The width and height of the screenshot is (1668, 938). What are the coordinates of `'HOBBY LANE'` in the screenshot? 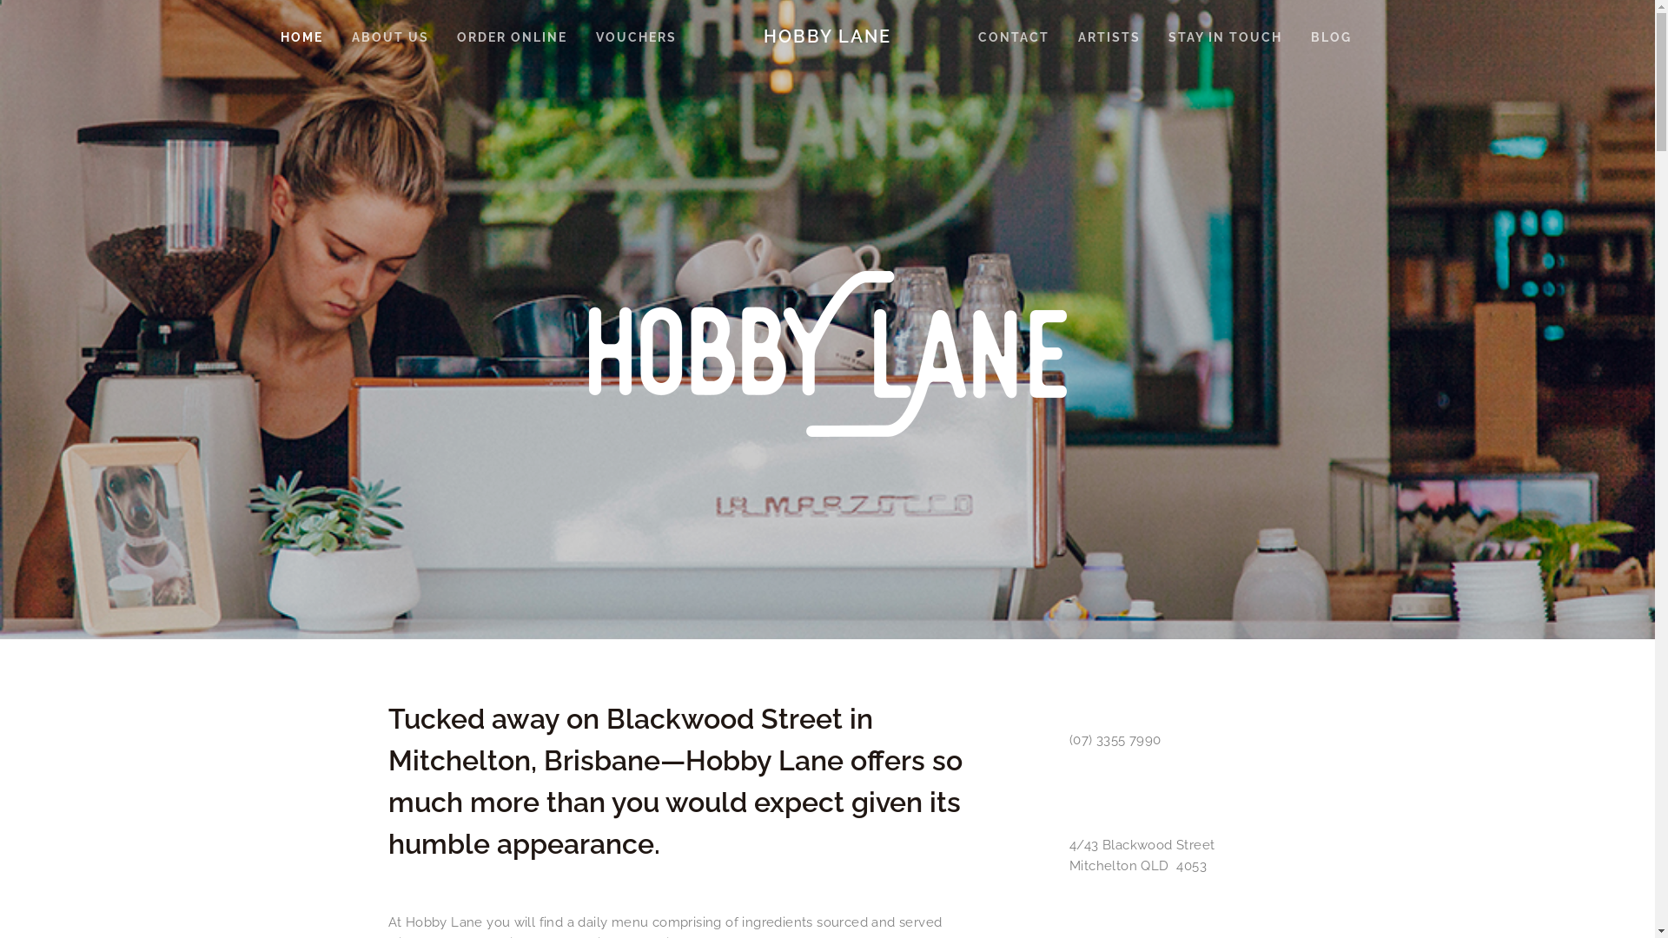 It's located at (826, 36).